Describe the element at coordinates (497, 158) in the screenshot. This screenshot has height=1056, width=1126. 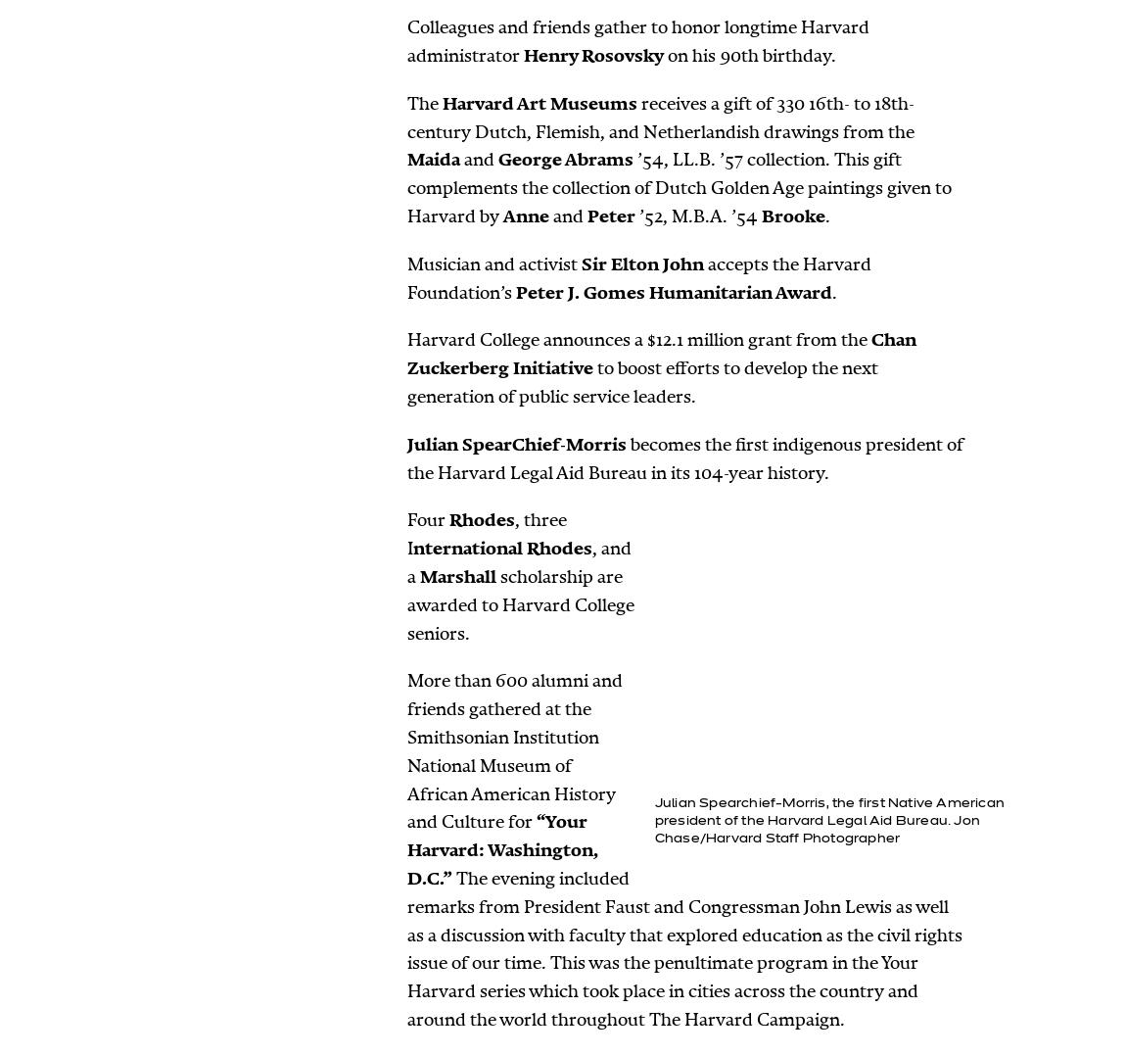
I see `'George Abrams'` at that location.